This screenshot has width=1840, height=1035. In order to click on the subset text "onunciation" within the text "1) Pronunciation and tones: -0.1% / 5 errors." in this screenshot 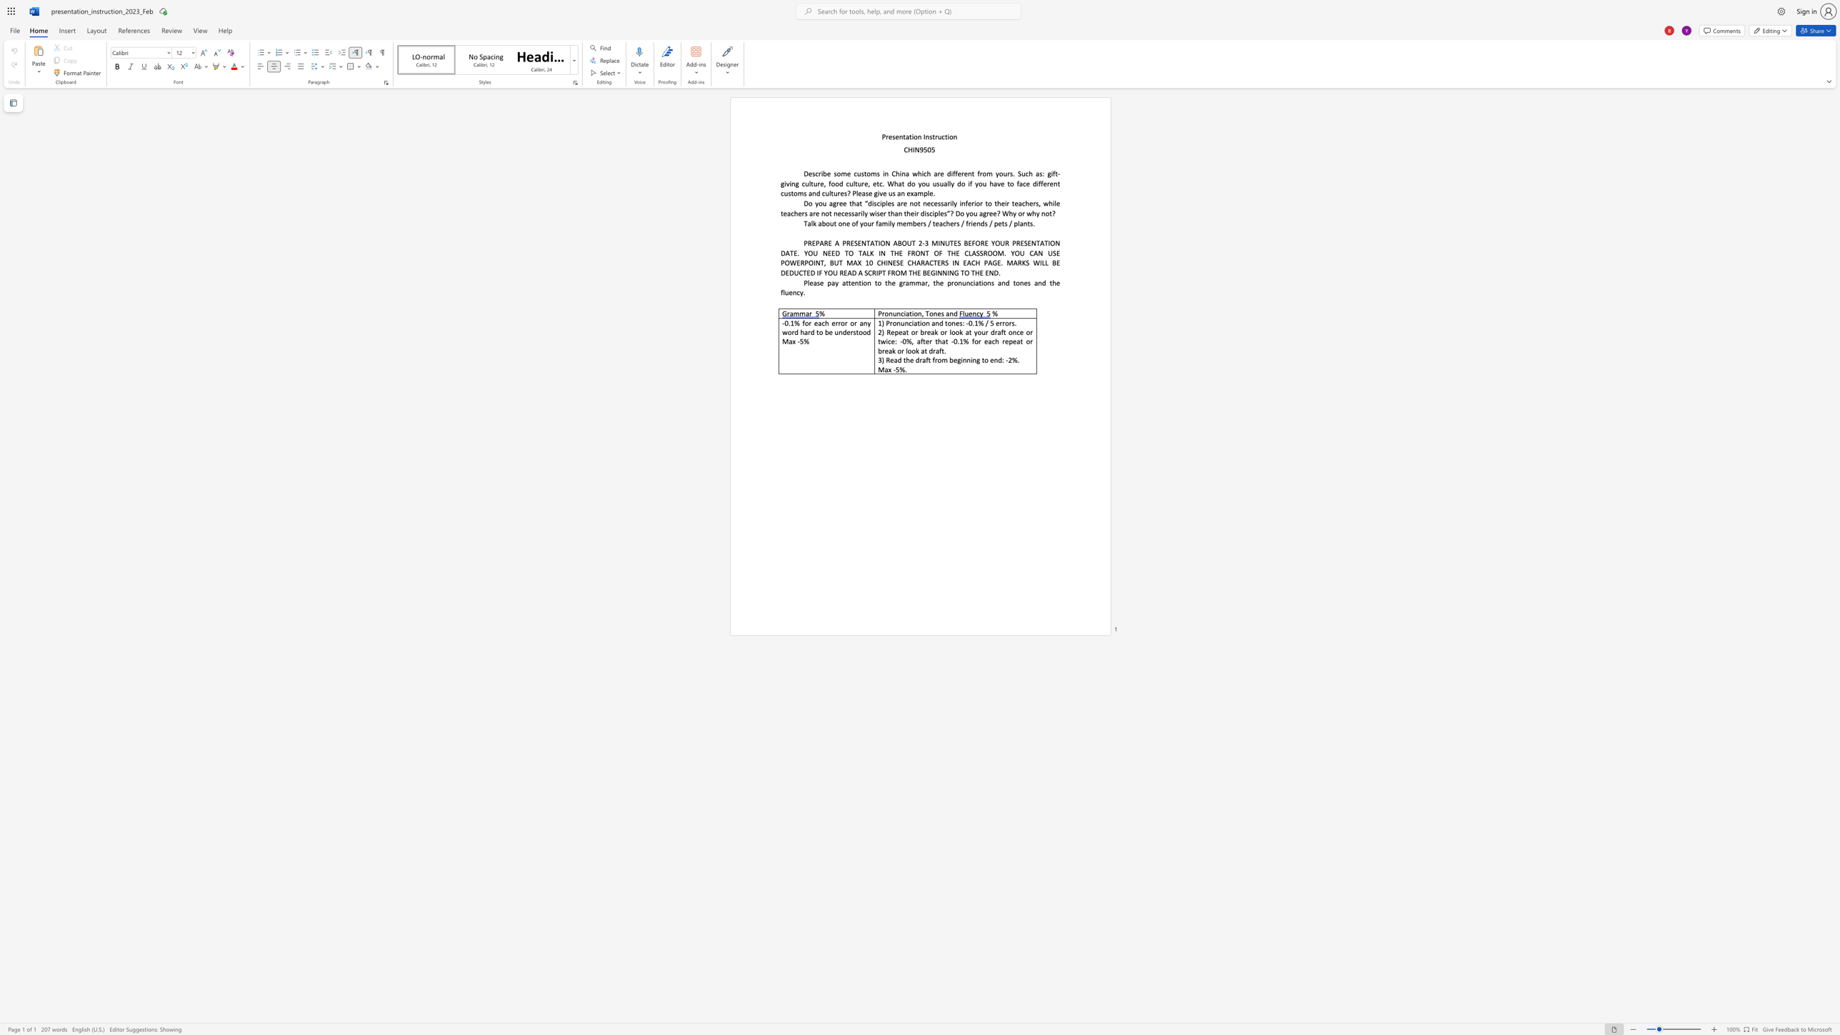, I will do `click(891, 323)`.